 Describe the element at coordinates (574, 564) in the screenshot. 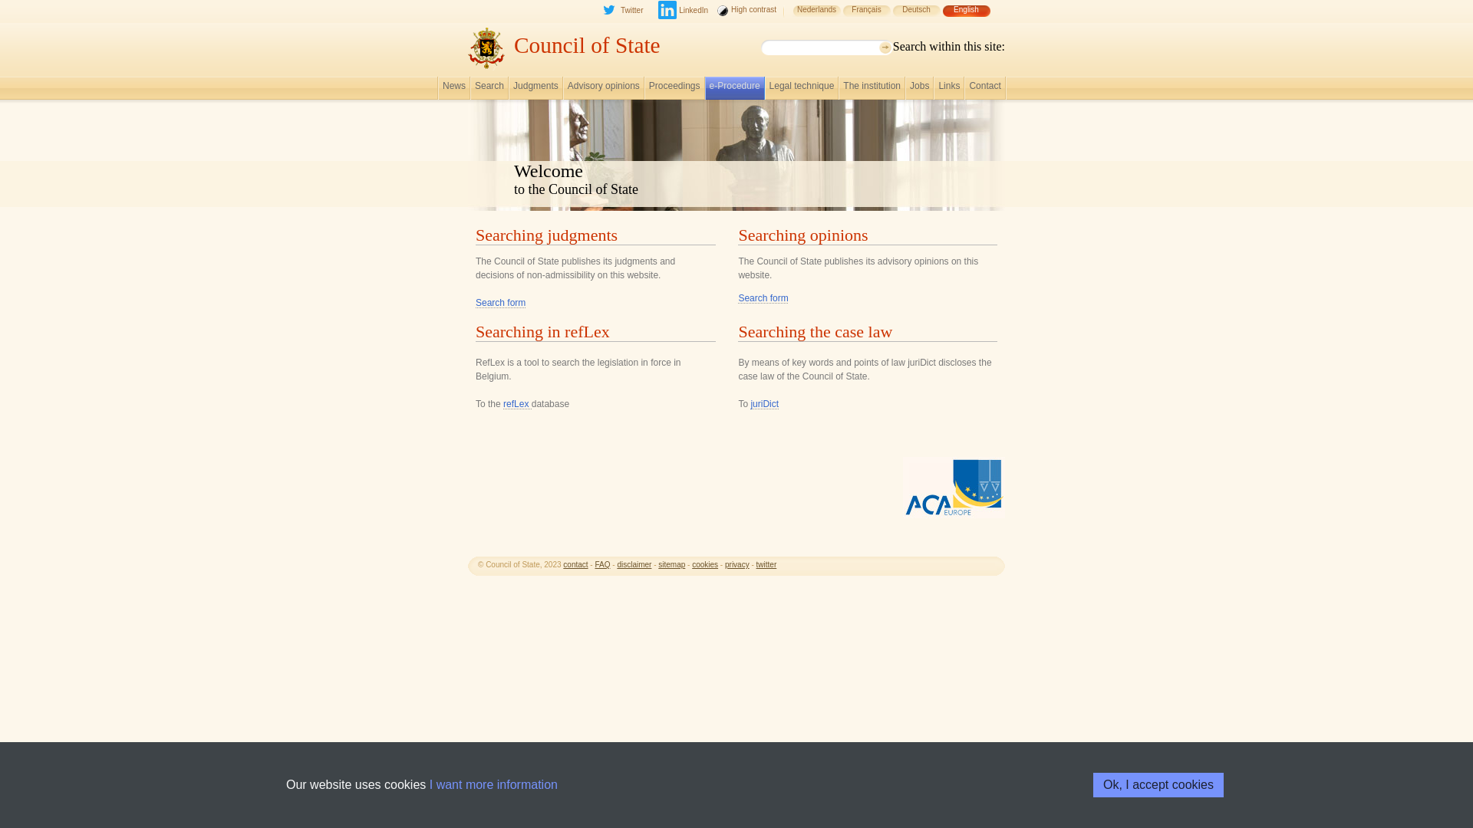

I see `'contact'` at that location.